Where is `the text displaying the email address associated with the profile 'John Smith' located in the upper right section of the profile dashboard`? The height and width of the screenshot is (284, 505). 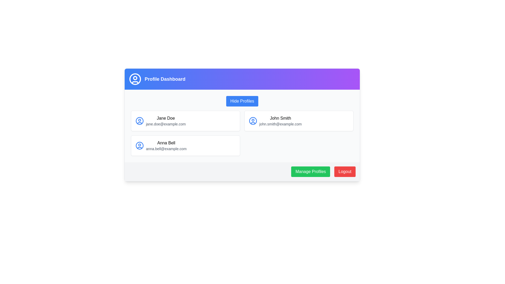 the text displaying the email address associated with the profile 'John Smith' located in the upper right section of the profile dashboard is located at coordinates (280, 124).